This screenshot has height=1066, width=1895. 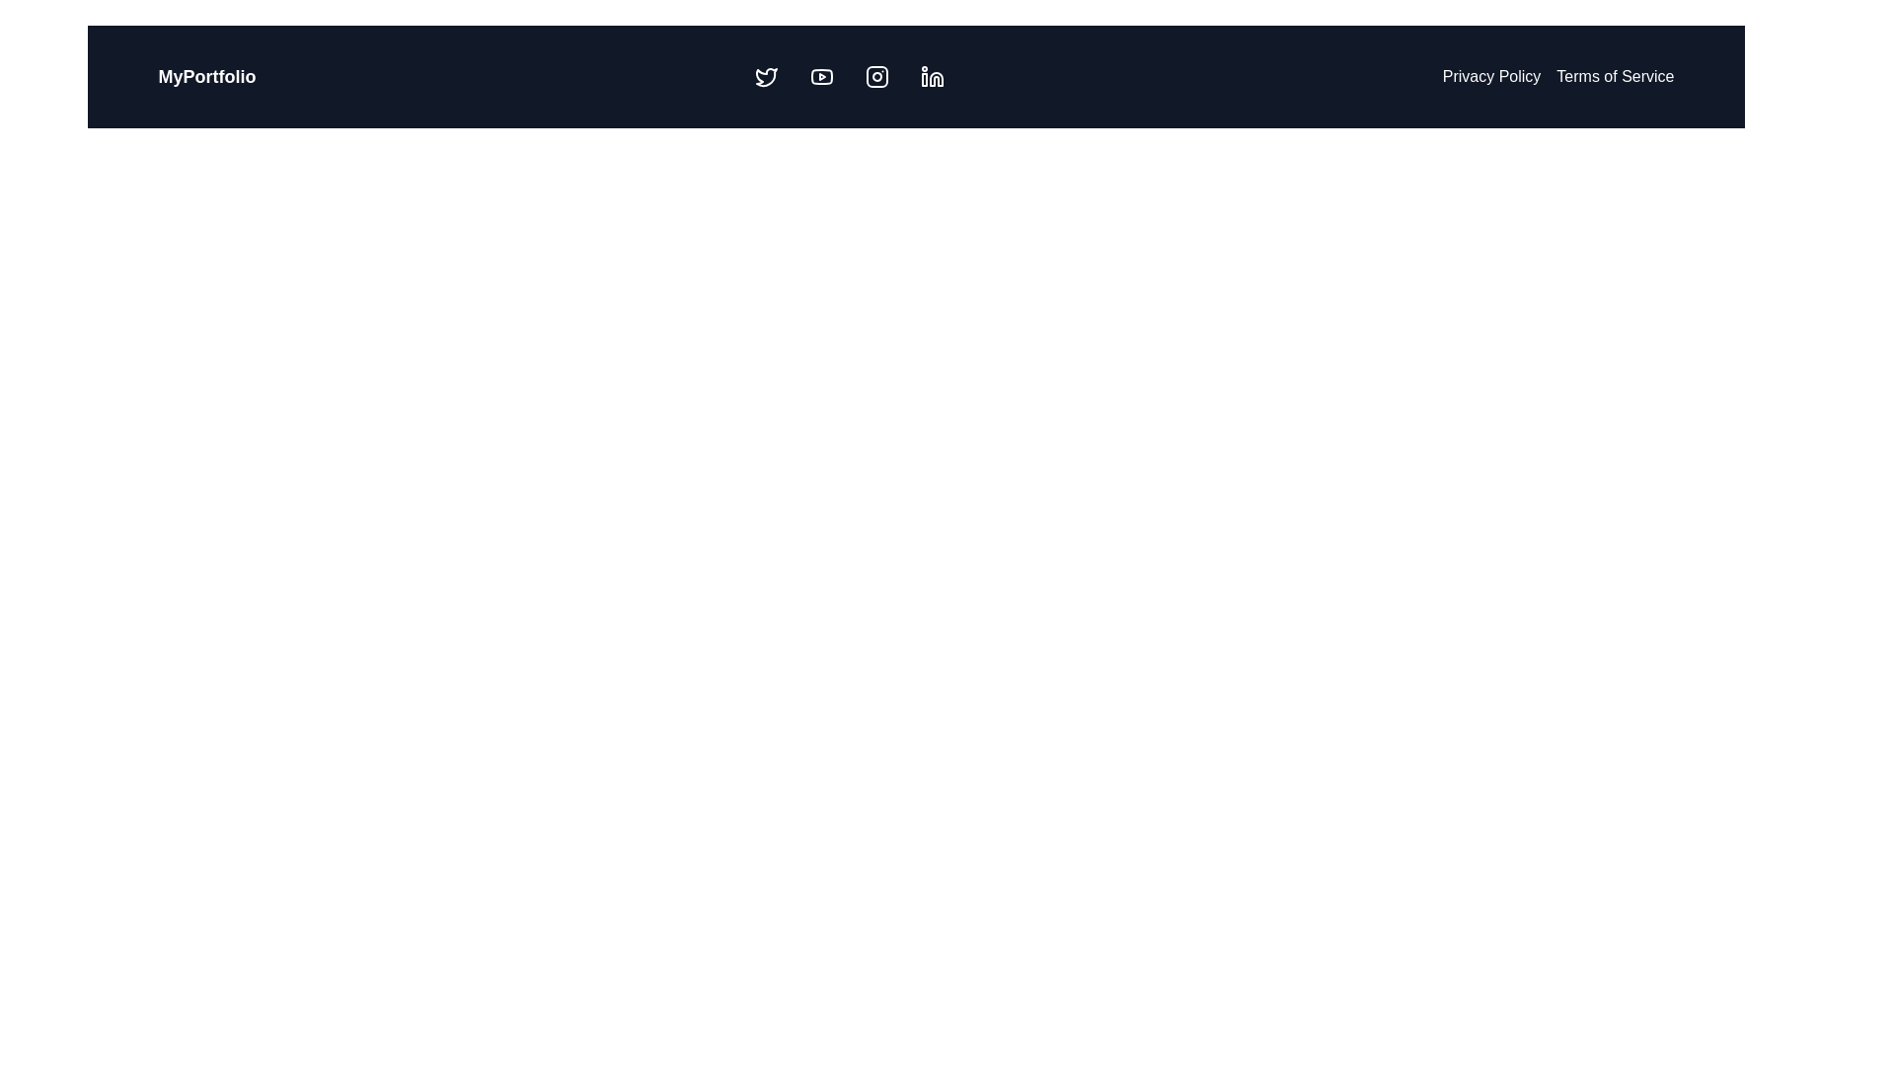 What do you see at coordinates (875, 75) in the screenshot?
I see `the Instagram icon button, which is the third icon in a horizontal navigation bar` at bounding box center [875, 75].